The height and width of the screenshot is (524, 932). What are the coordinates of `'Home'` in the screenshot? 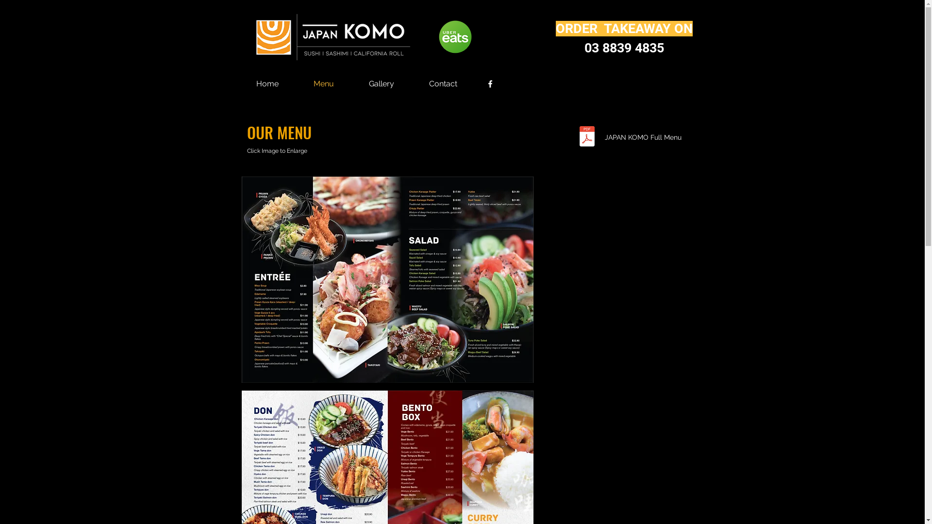 It's located at (267, 83).